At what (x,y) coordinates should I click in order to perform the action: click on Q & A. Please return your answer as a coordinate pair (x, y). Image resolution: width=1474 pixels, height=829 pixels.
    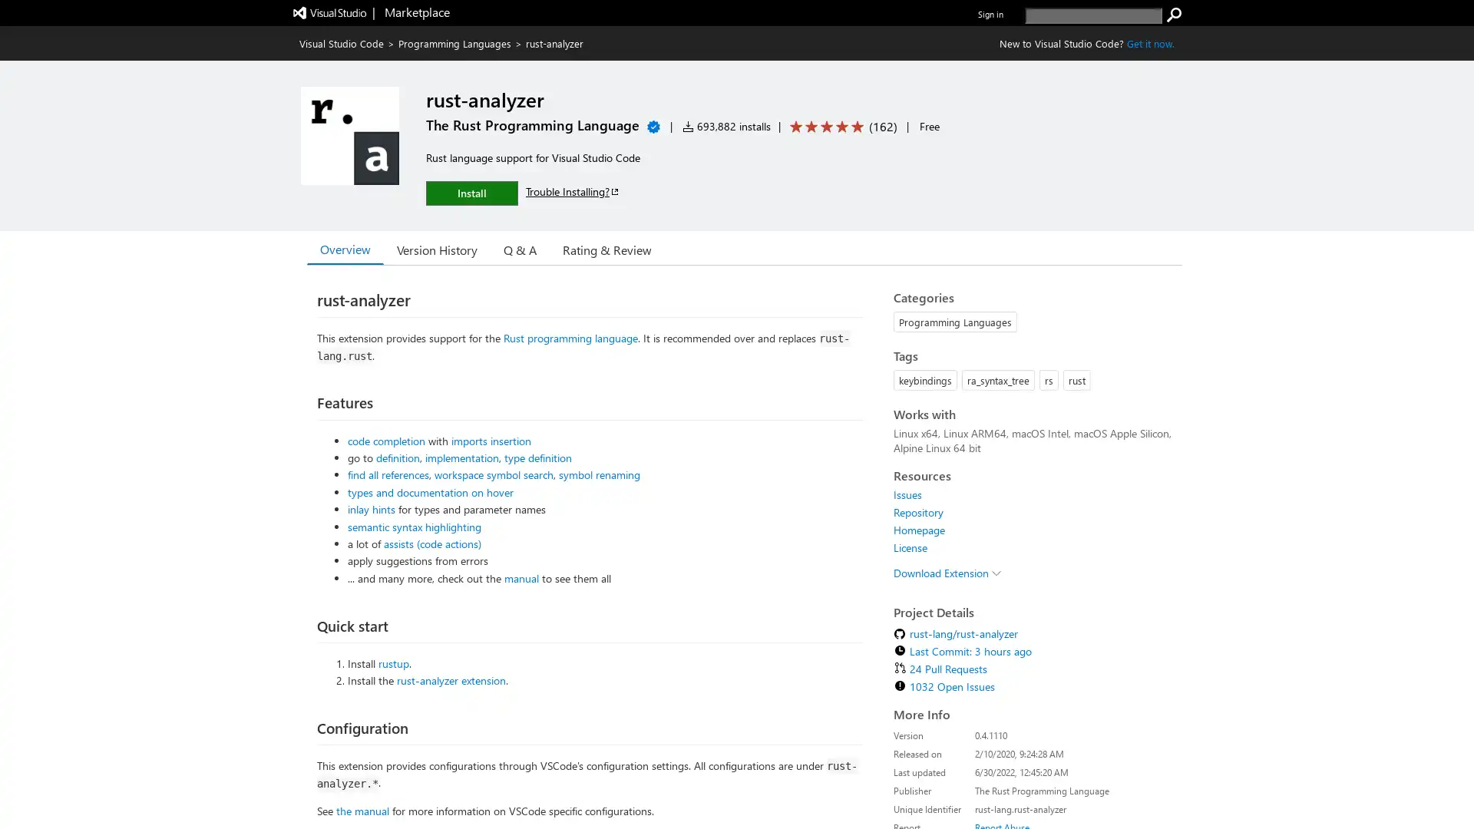
    Looking at the image, I should click on (520, 248).